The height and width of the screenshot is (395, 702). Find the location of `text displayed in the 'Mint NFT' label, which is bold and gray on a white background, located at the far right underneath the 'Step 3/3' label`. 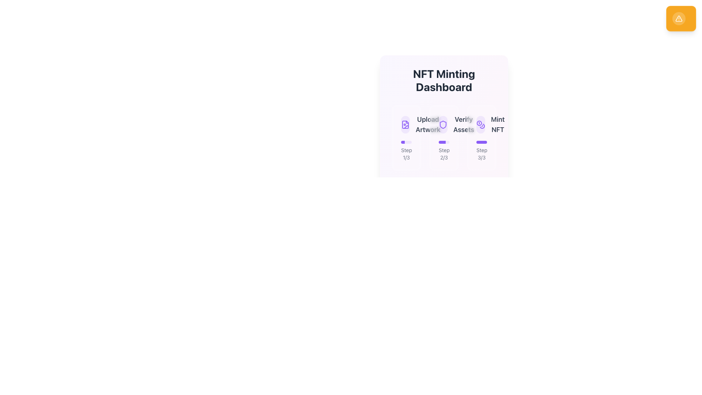

text displayed in the 'Mint NFT' label, which is bold and gray on a white background, located at the far right underneath the 'Step 3/3' label is located at coordinates (497, 124).